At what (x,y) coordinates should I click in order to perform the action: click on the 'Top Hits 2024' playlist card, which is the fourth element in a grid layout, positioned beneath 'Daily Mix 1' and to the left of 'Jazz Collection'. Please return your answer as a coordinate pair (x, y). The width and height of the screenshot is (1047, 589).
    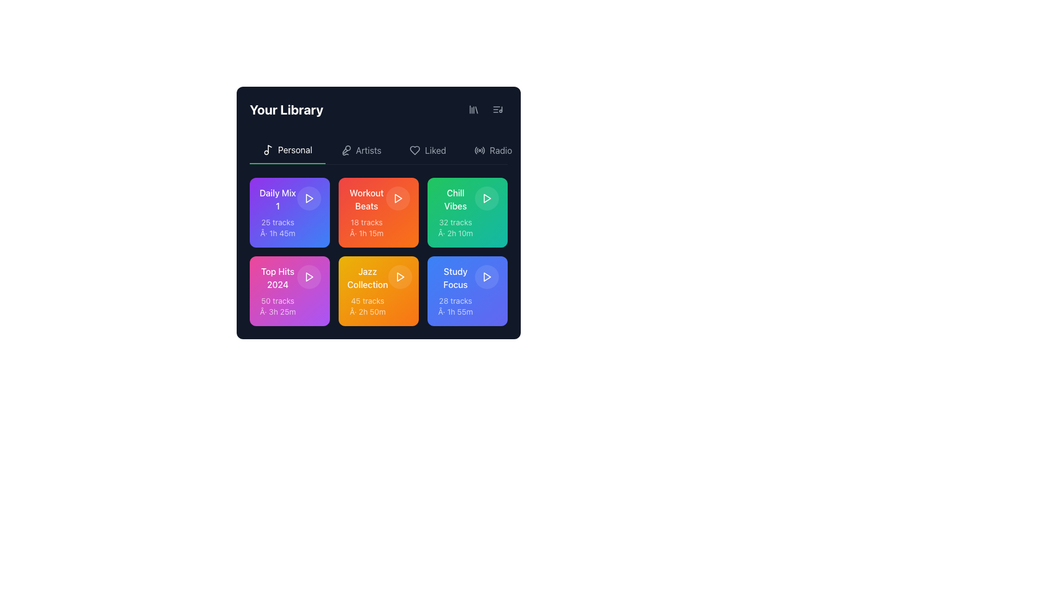
    Looking at the image, I should click on (290, 290).